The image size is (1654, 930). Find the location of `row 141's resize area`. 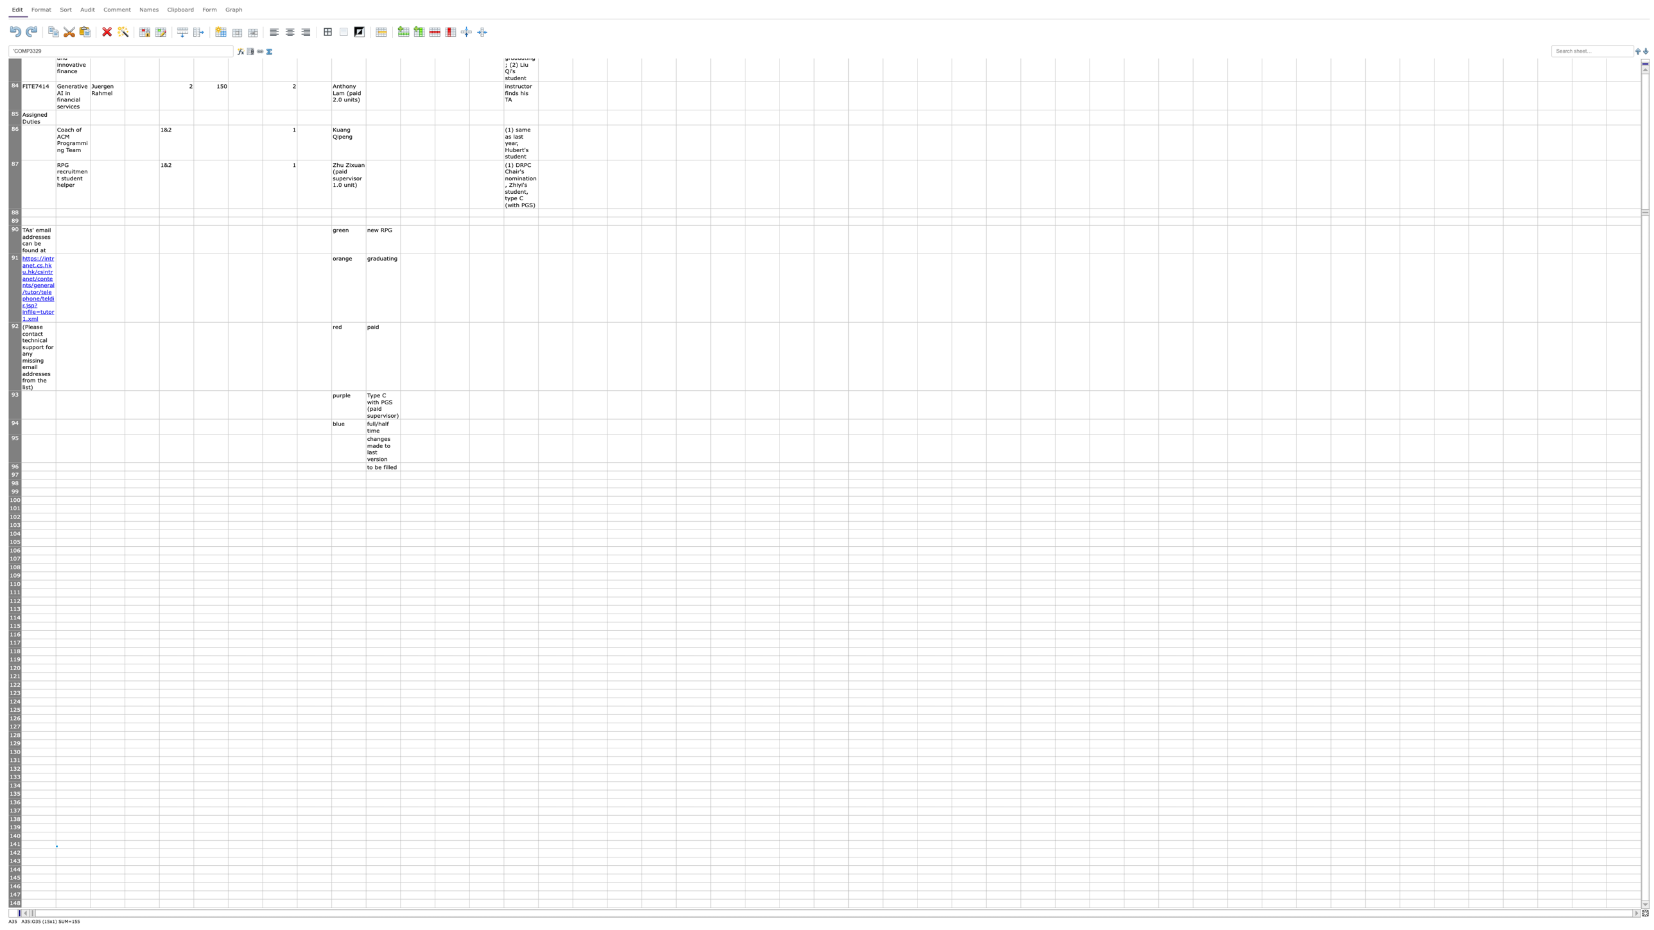

row 141's resize area is located at coordinates (15, 848).